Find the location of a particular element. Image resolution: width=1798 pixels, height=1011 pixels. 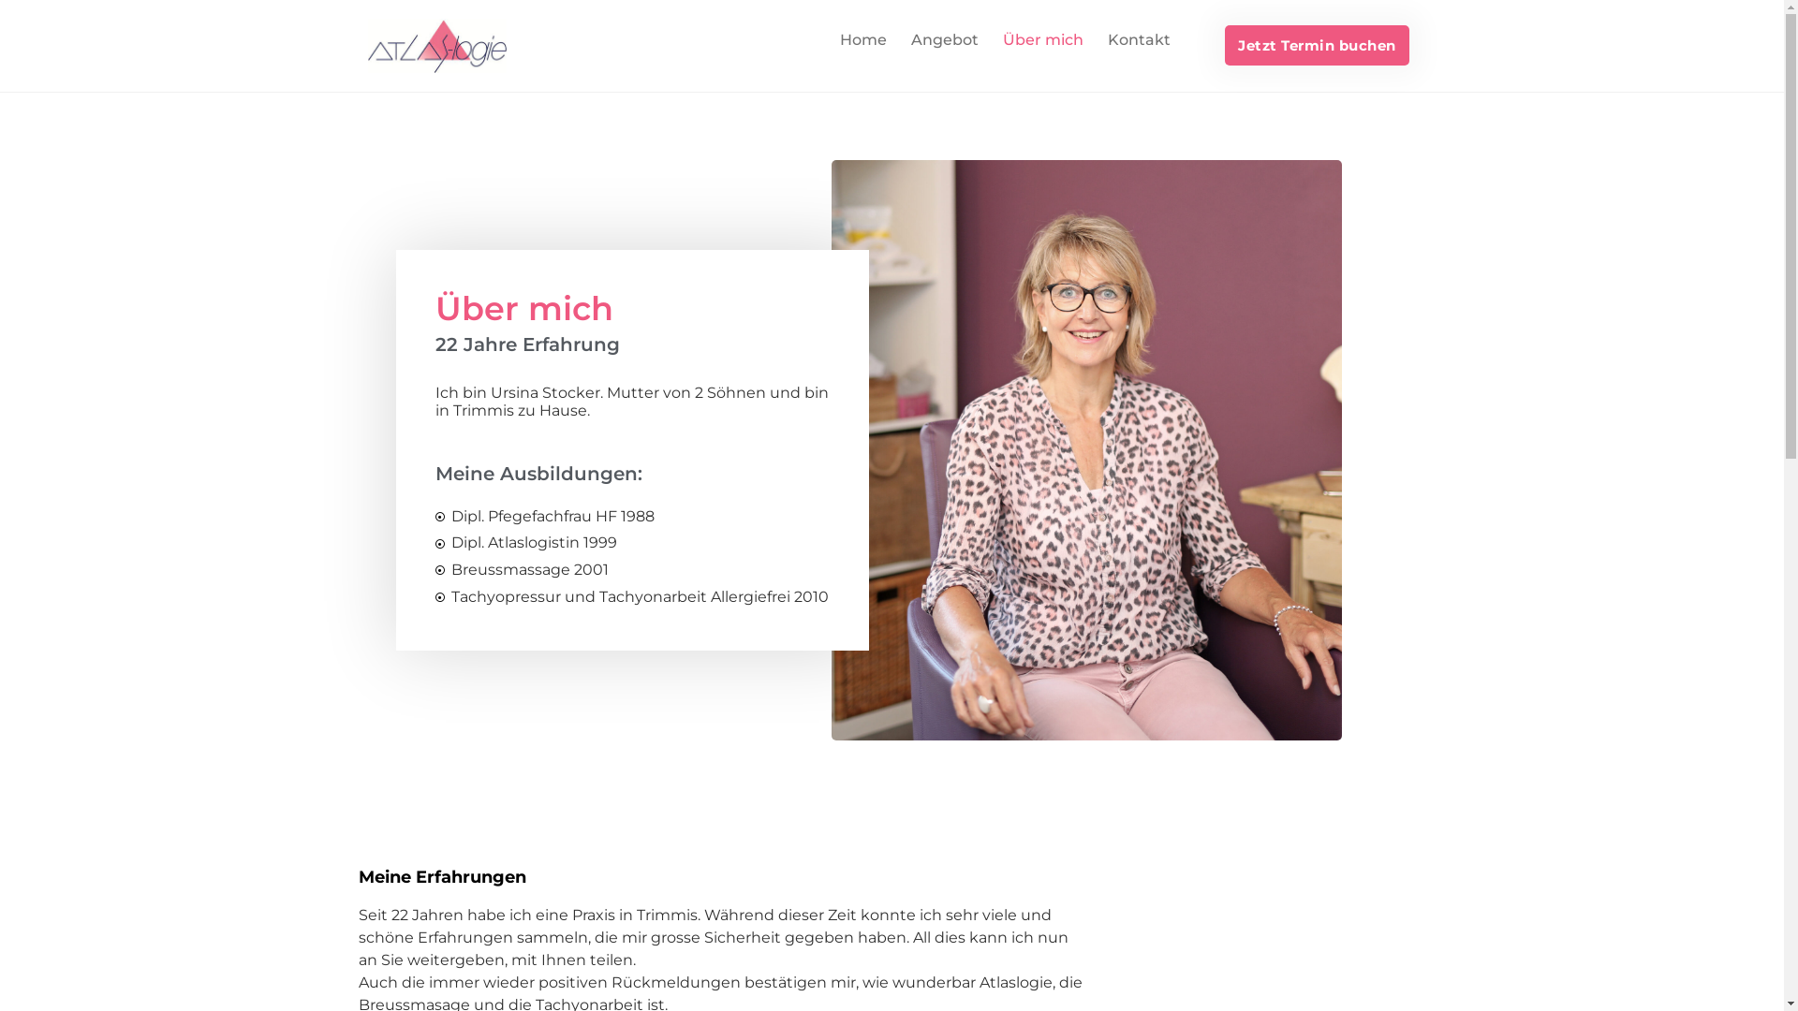

'Jetzt Termin buchen' is located at coordinates (1316, 44).